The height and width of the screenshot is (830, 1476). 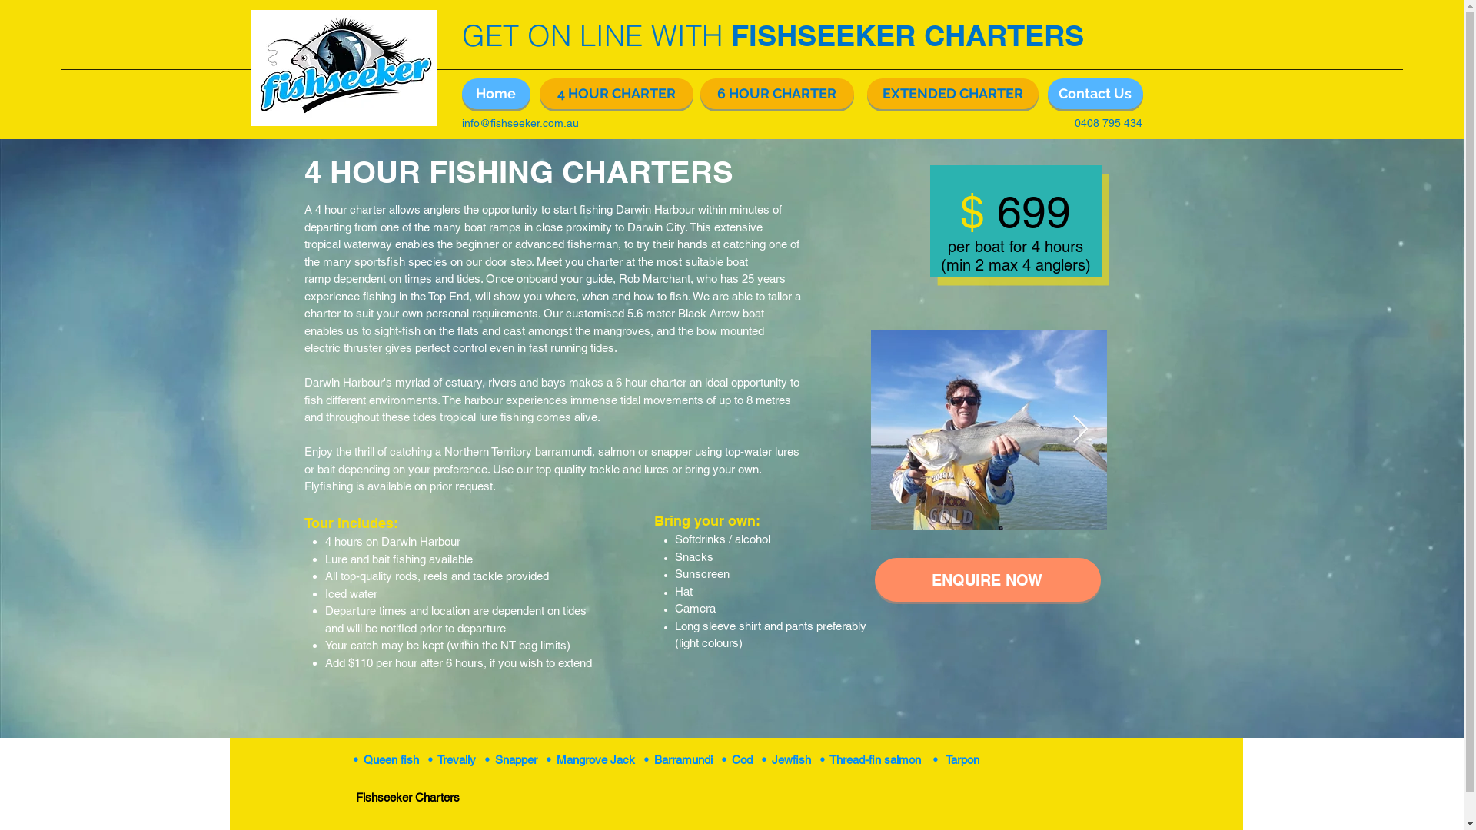 What do you see at coordinates (988, 579) in the screenshot?
I see `'ENQUIRE NOW'` at bounding box center [988, 579].